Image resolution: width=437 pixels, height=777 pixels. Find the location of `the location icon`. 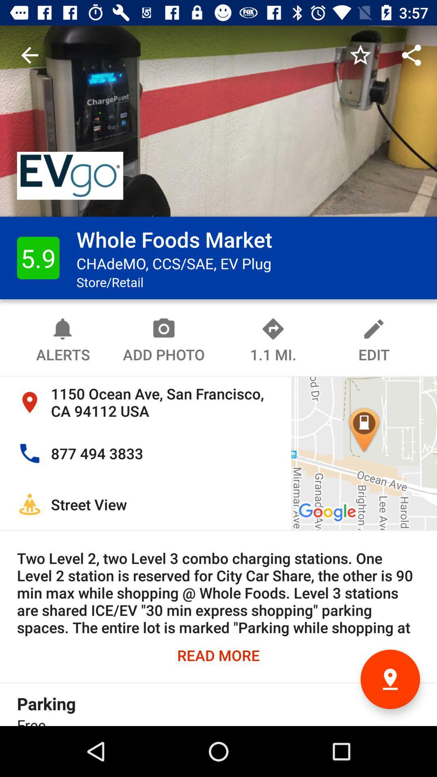

the location icon is located at coordinates (390, 679).